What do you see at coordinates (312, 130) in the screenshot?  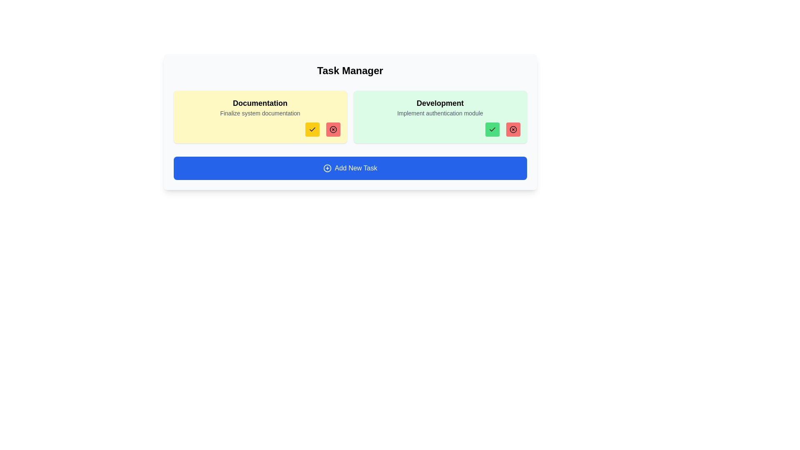 I see `the checkmark icon in the upper-right corner of the yellow 'Documentation' task card` at bounding box center [312, 130].